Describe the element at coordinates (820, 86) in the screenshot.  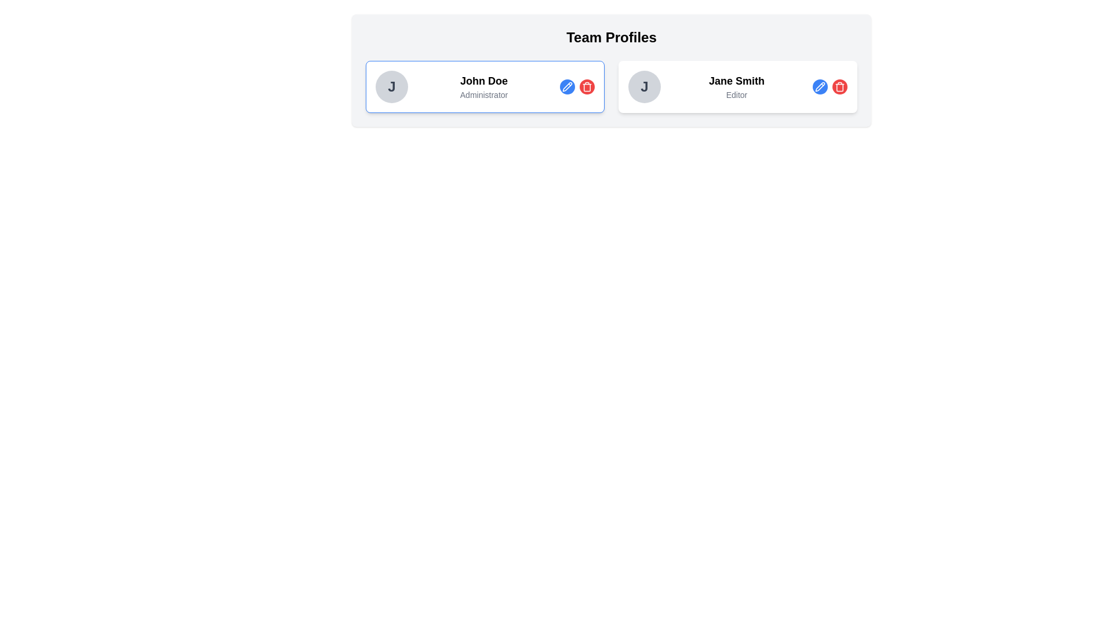
I see `the left-most 'Edit' button in the button group on the right segment of the profile card for 'Jane Smith, Editor' to initiate editing the profile` at that location.